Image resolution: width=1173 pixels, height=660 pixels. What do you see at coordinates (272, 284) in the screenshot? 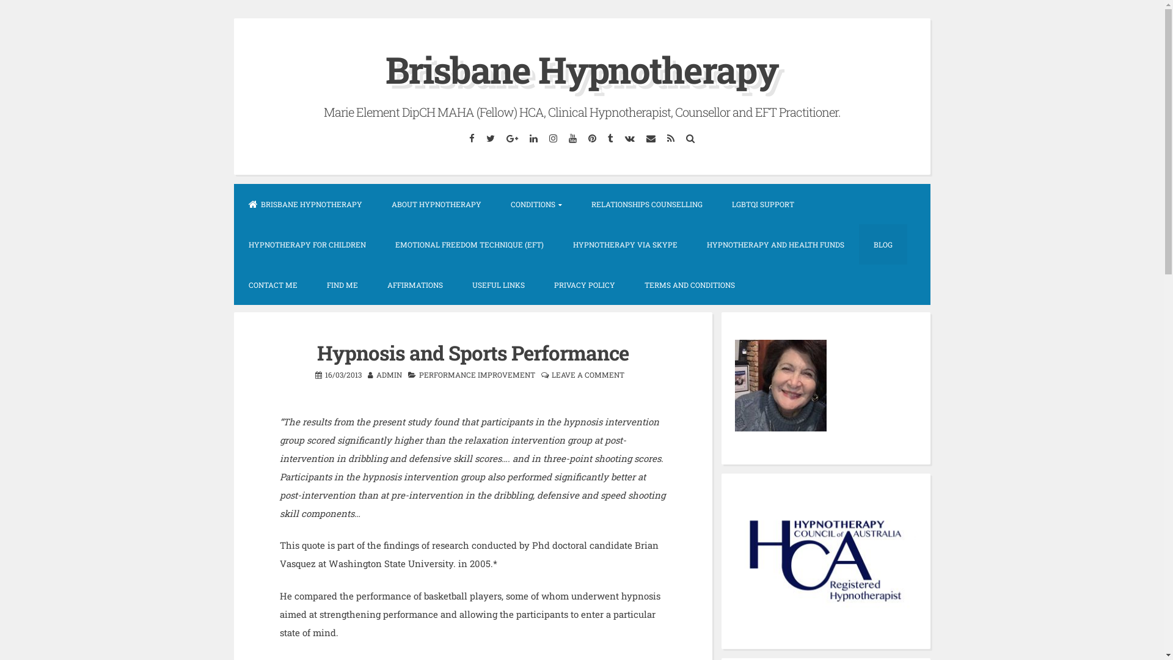
I see `'CONTACT ME'` at bounding box center [272, 284].